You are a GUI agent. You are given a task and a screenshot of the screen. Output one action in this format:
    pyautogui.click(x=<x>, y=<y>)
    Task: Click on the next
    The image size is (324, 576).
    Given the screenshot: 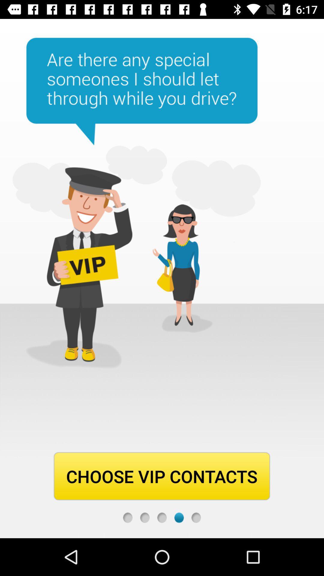 What is the action you would take?
    pyautogui.click(x=179, y=517)
    